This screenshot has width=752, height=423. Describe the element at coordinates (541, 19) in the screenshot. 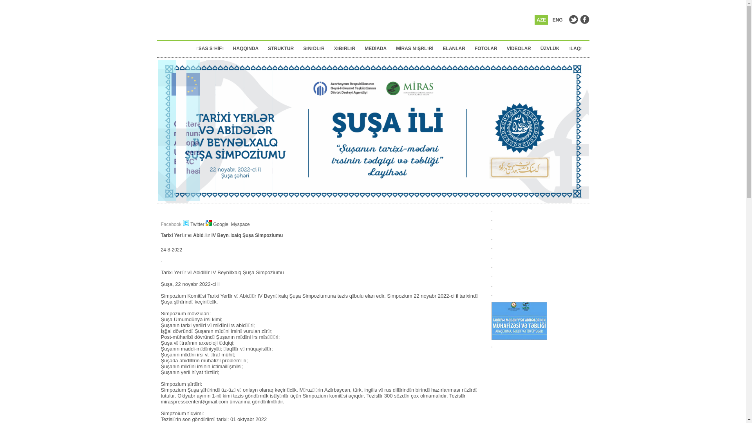

I see `'AZE'` at that location.